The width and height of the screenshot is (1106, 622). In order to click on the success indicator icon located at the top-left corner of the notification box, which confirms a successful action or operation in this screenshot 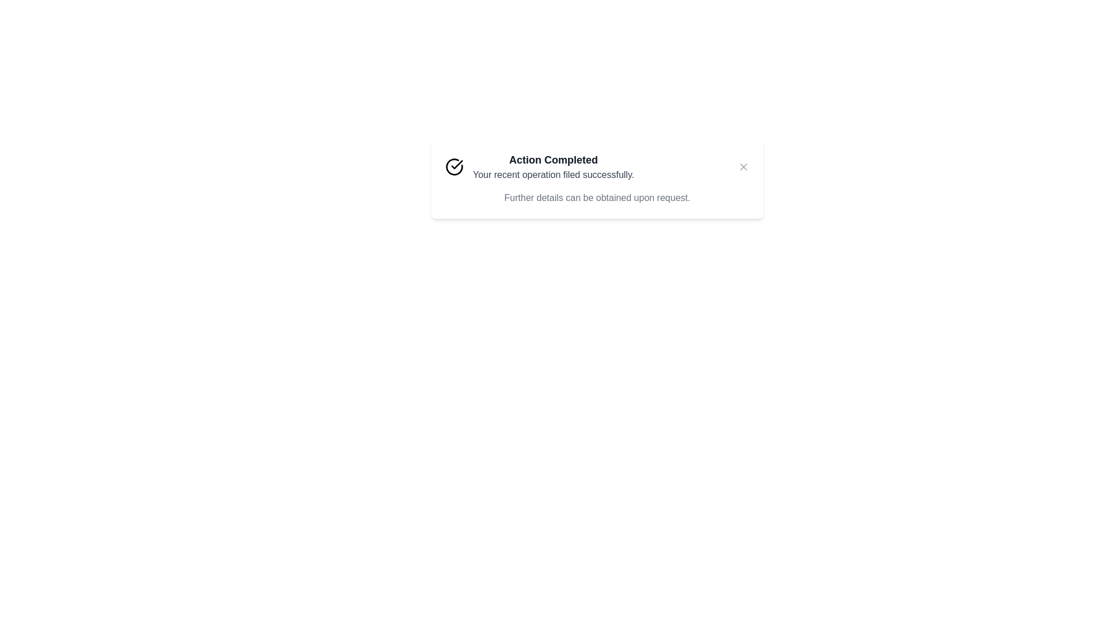, I will do `click(453, 166)`.